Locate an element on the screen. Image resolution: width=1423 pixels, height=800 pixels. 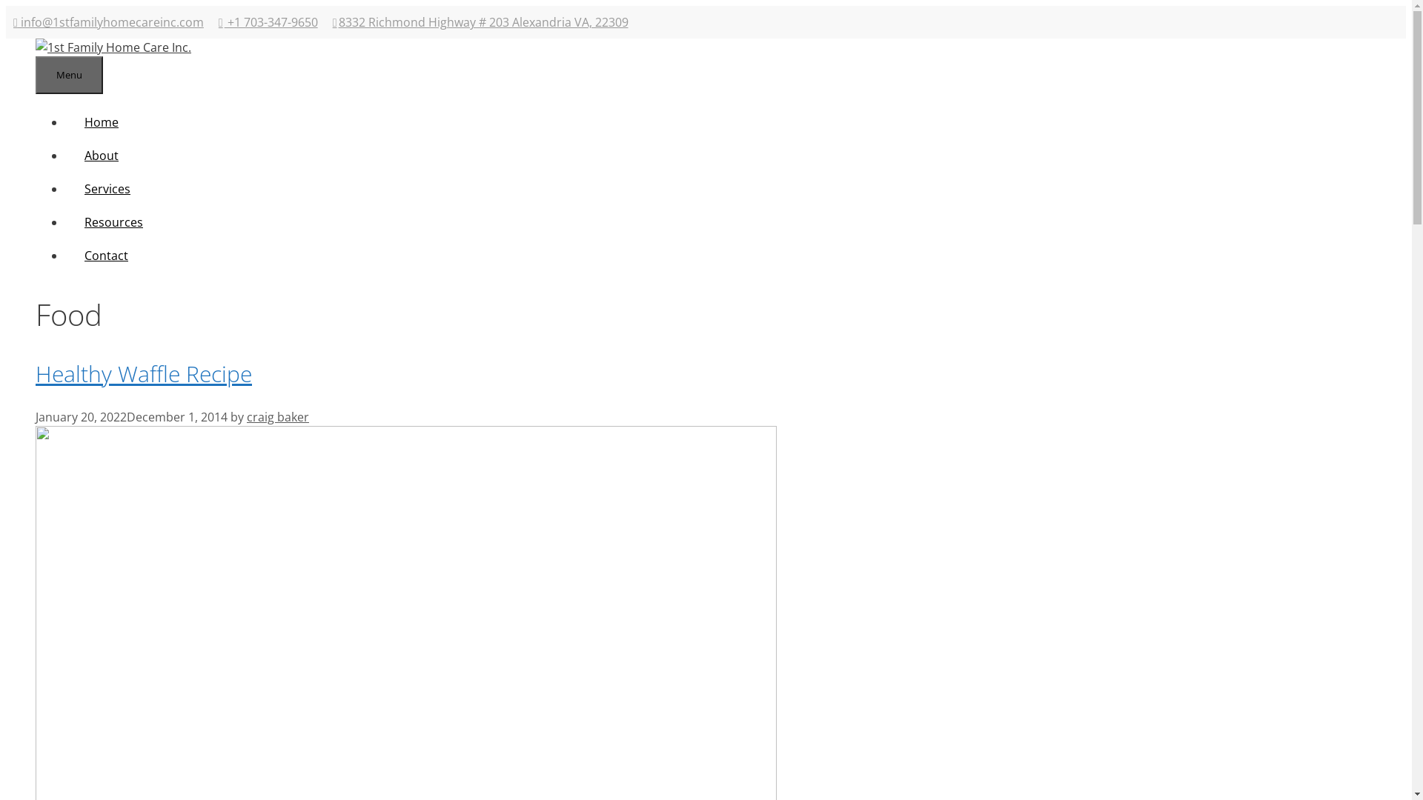
'Home' is located at coordinates (101, 121).